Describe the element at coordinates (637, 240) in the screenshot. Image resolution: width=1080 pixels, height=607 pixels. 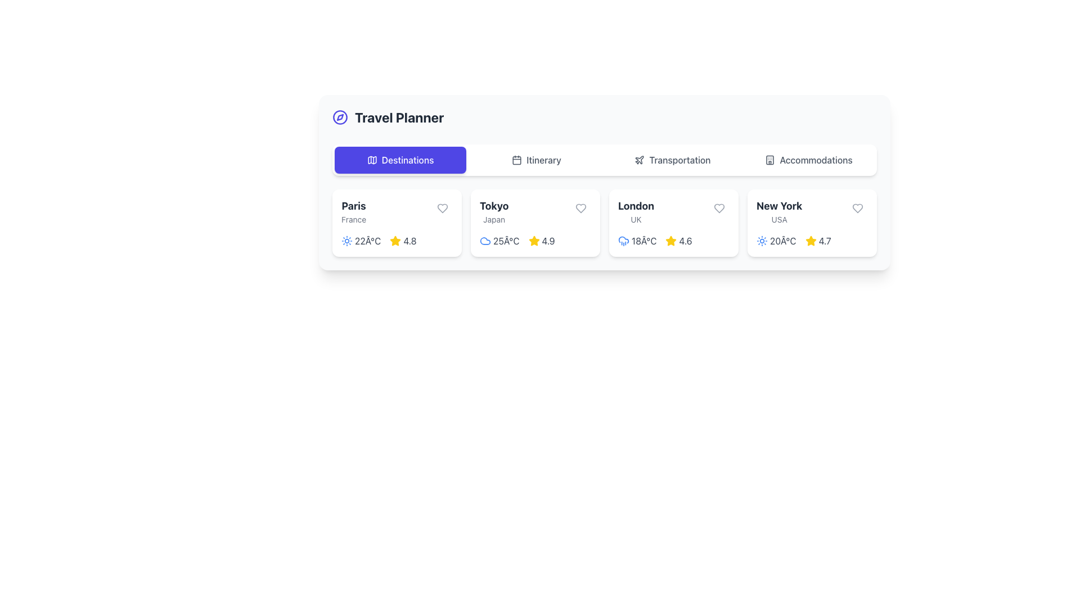
I see `temperature information '18°C' displayed in gray text, which is located in the card labeled 'London' under the 'Destinations' tab, next to the cloud and rain icon` at that location.